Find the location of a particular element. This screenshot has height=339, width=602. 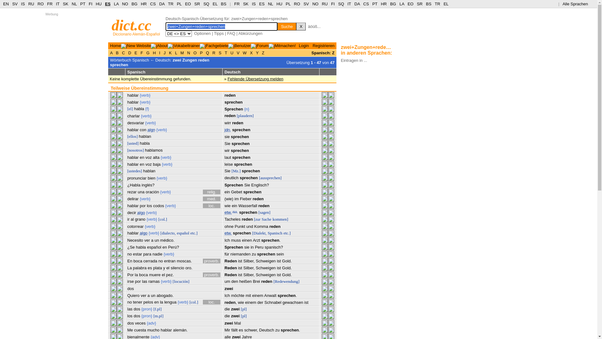

'Spanisch' is located at coordinates (275, 233).